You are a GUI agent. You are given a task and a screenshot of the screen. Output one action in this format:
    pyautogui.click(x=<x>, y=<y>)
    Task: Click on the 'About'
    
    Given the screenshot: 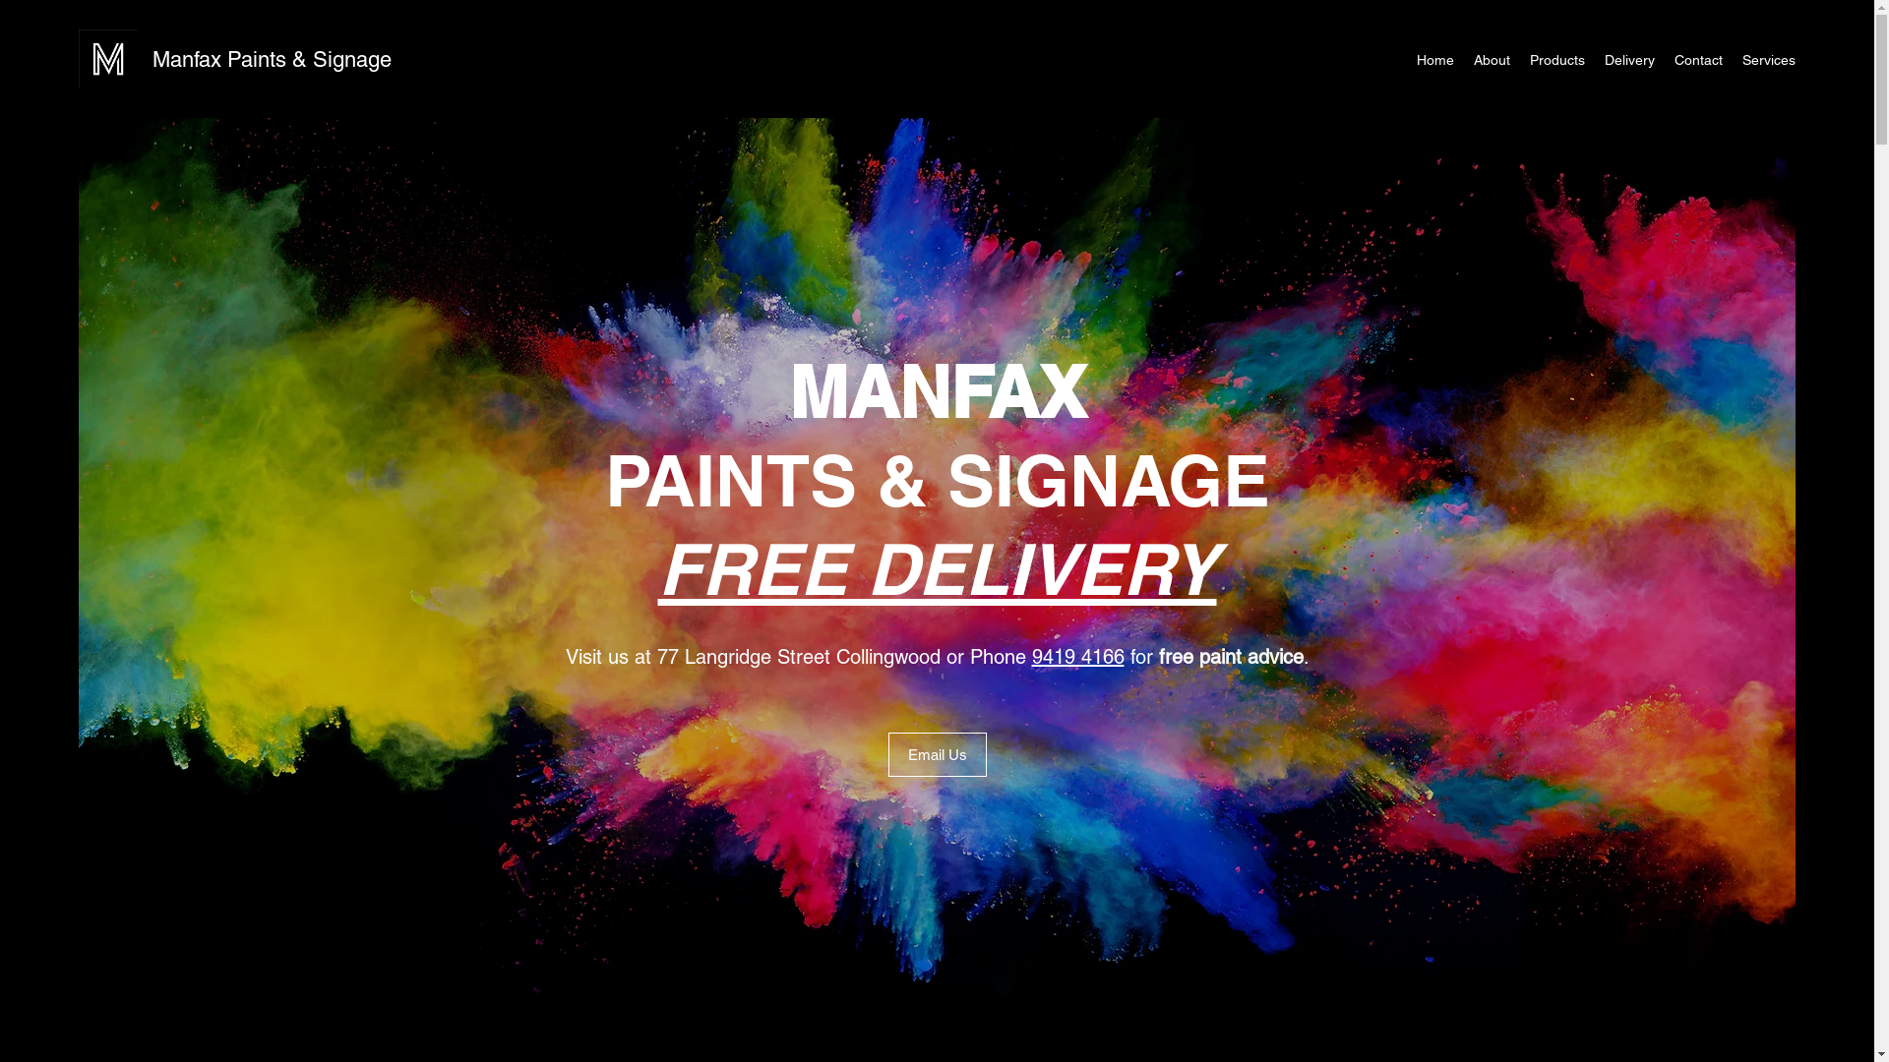 What is the action you would take?
    pyautogui.click(x=1492, y=59)
    